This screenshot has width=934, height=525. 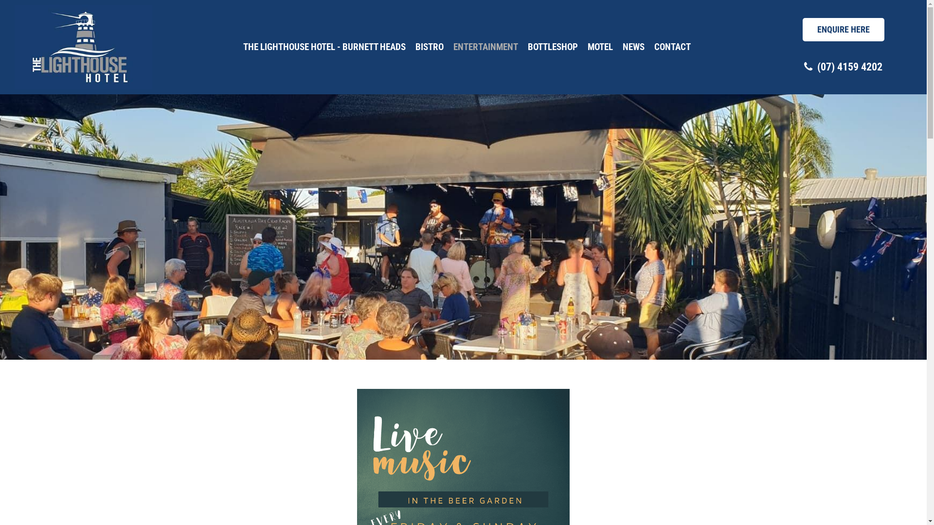 What do you see at coordinates (429, 47) in the screenshot?
I see `'BISTRO'` at bounding box center [429, 47].